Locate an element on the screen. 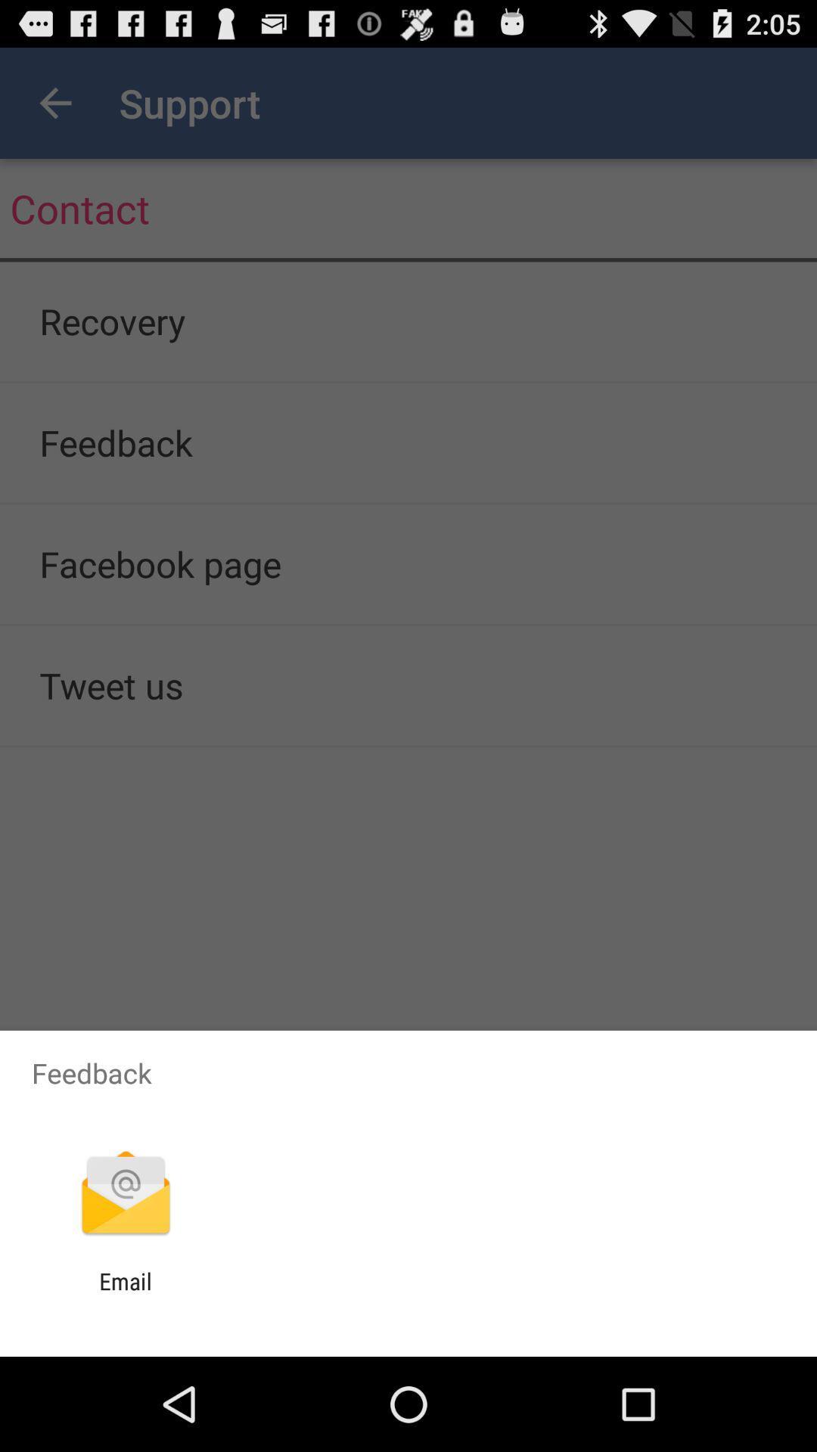 The height and width of the screenshot is (1452, 817). item above the email is located at coordinates (125, 1194).